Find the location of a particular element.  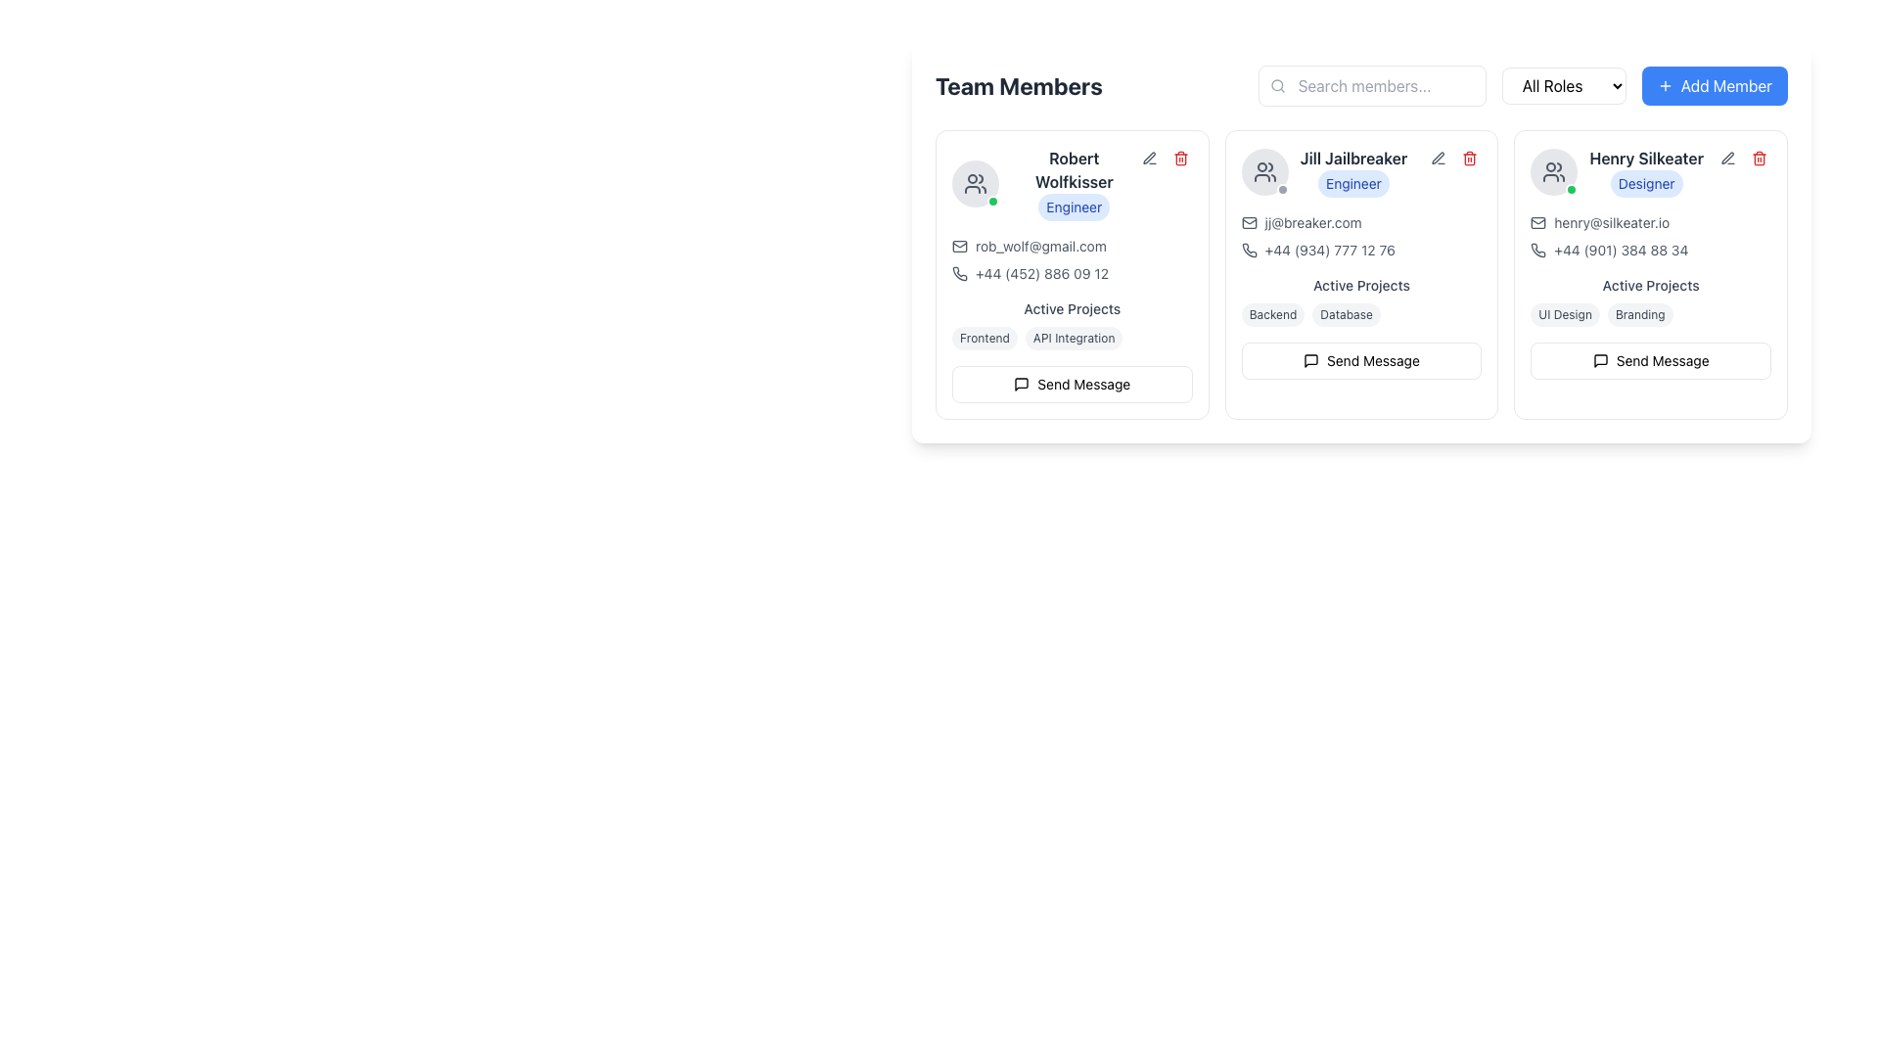

the search icon located on the left edge of the 'Search members...' input field, which visually indicates the search functionality is located at coordinates (1277, 85).